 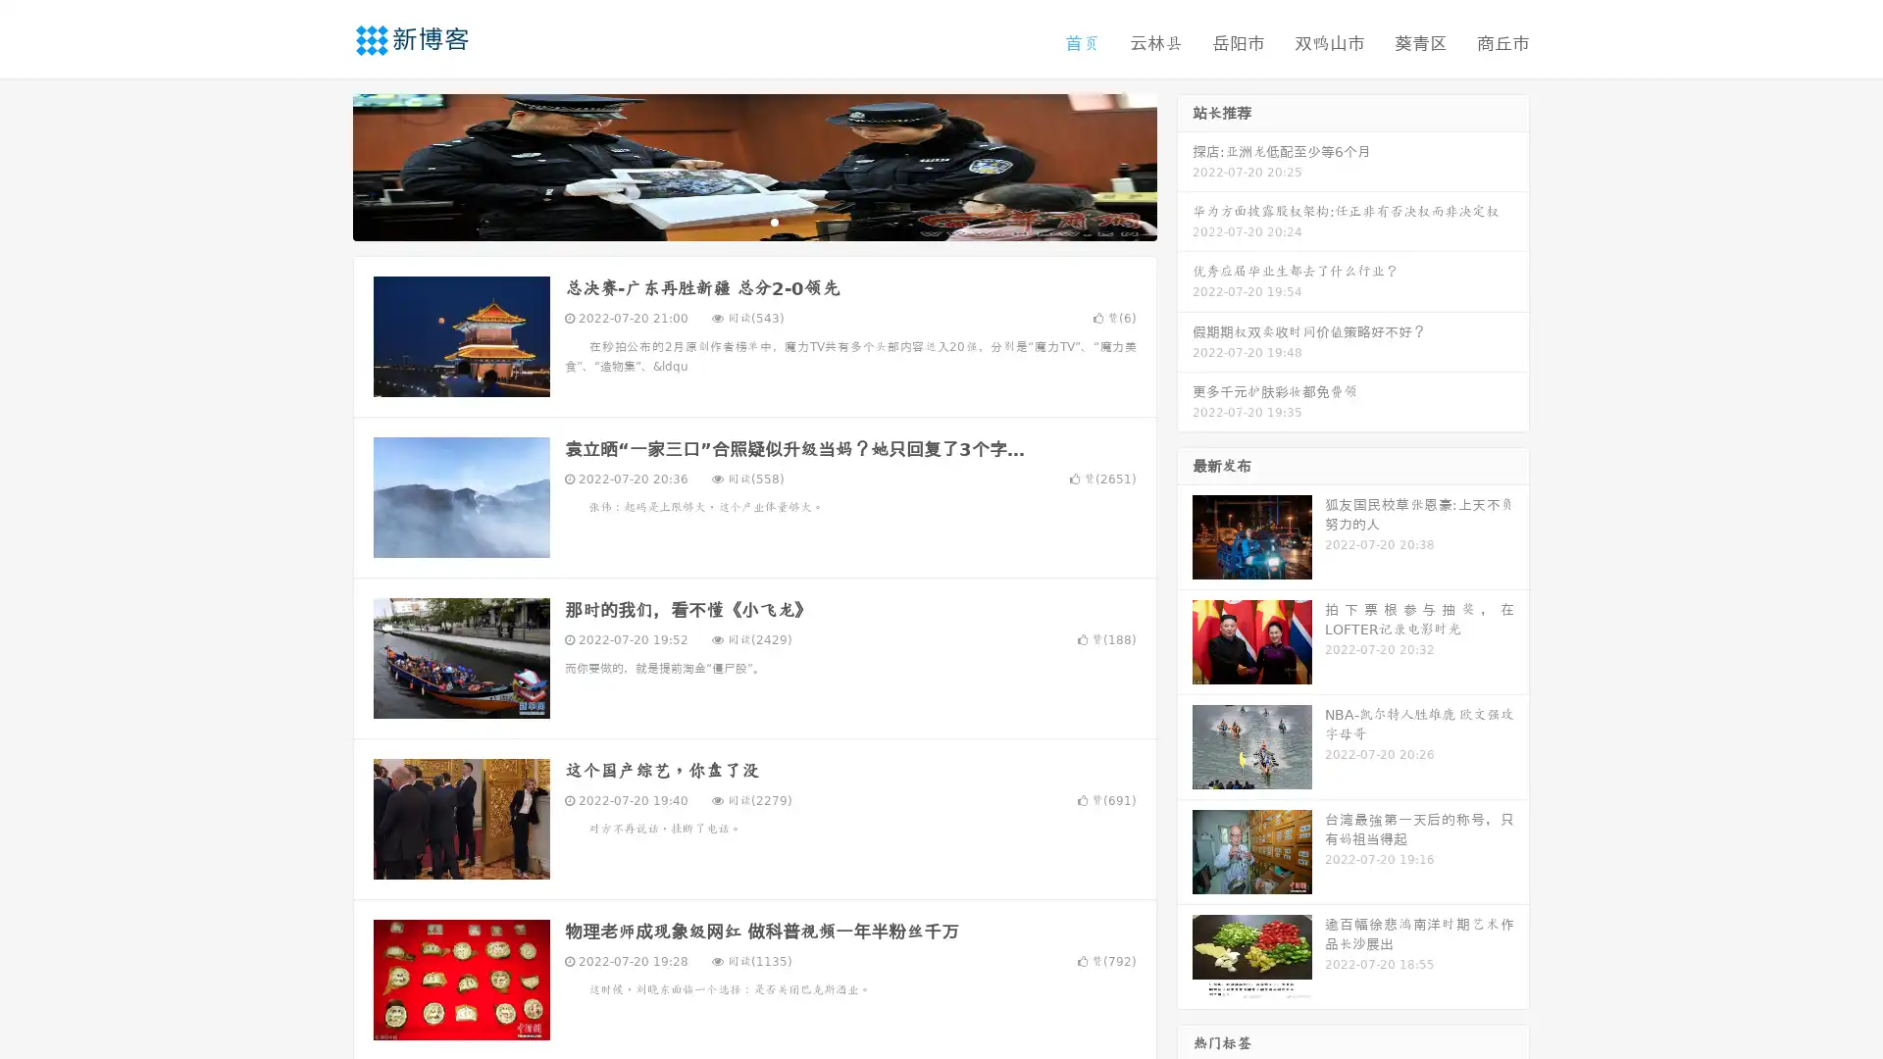 I want to click on Go to slide 3, so click(x=774, y=221).